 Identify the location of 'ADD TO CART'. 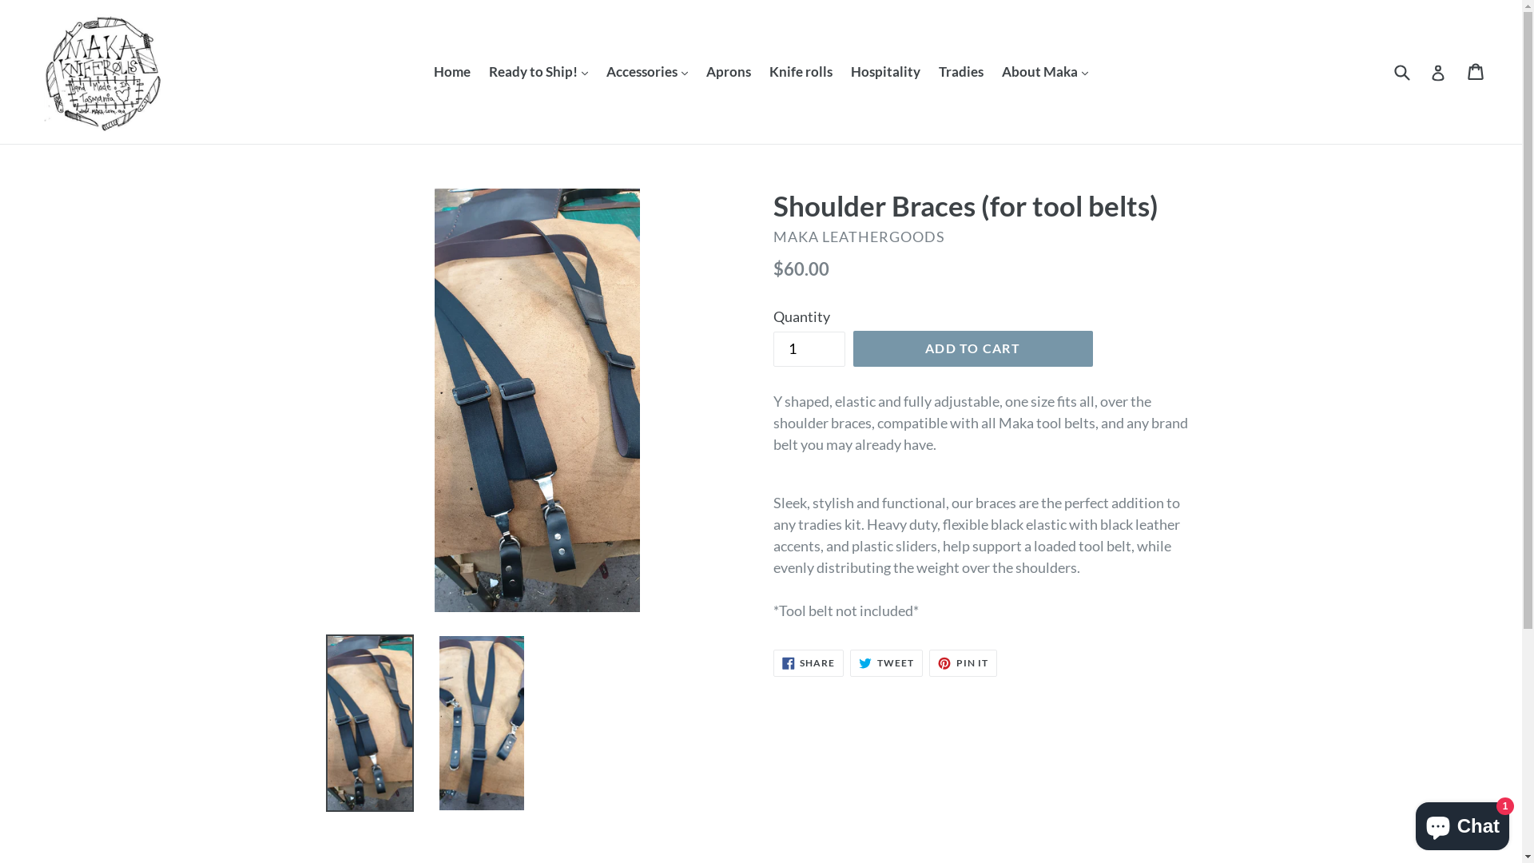
(972, 347).